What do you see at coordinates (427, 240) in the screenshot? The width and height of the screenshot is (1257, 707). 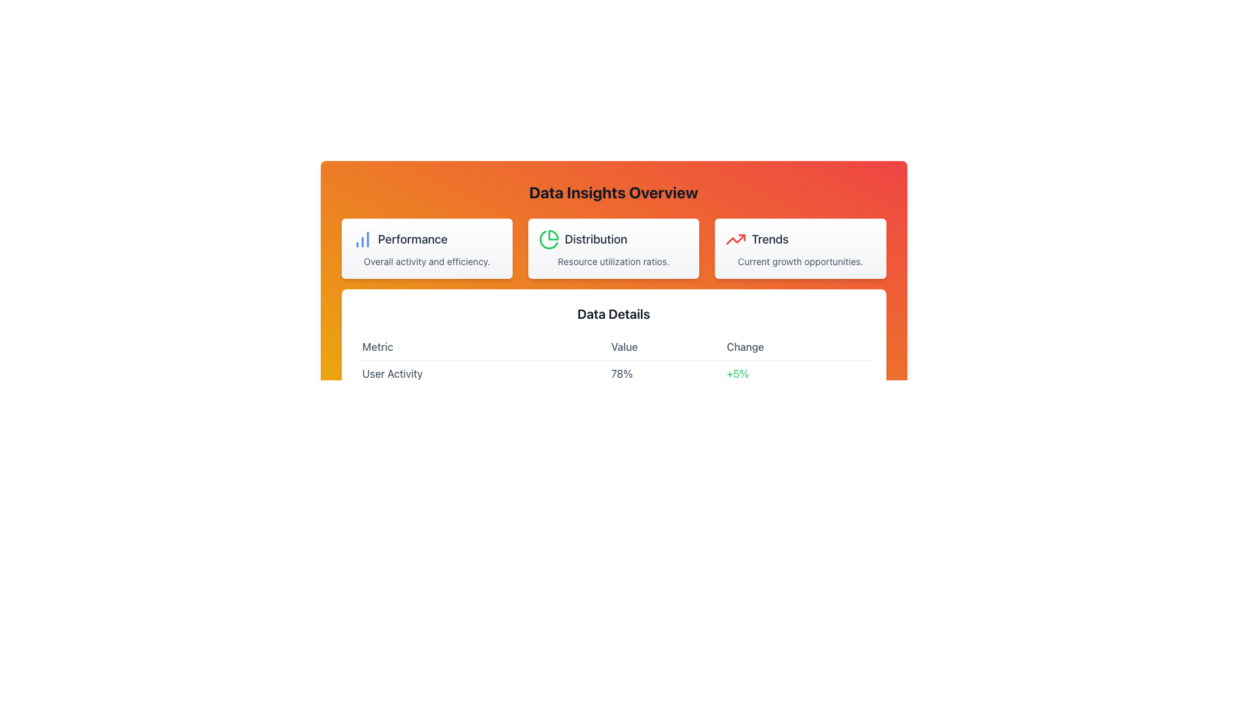 I see `the text label that serves as the header for performance-related metrics, located at the top-left area of the first card in a series of three cards arranged horizontally` at bounding box center [427, 240].